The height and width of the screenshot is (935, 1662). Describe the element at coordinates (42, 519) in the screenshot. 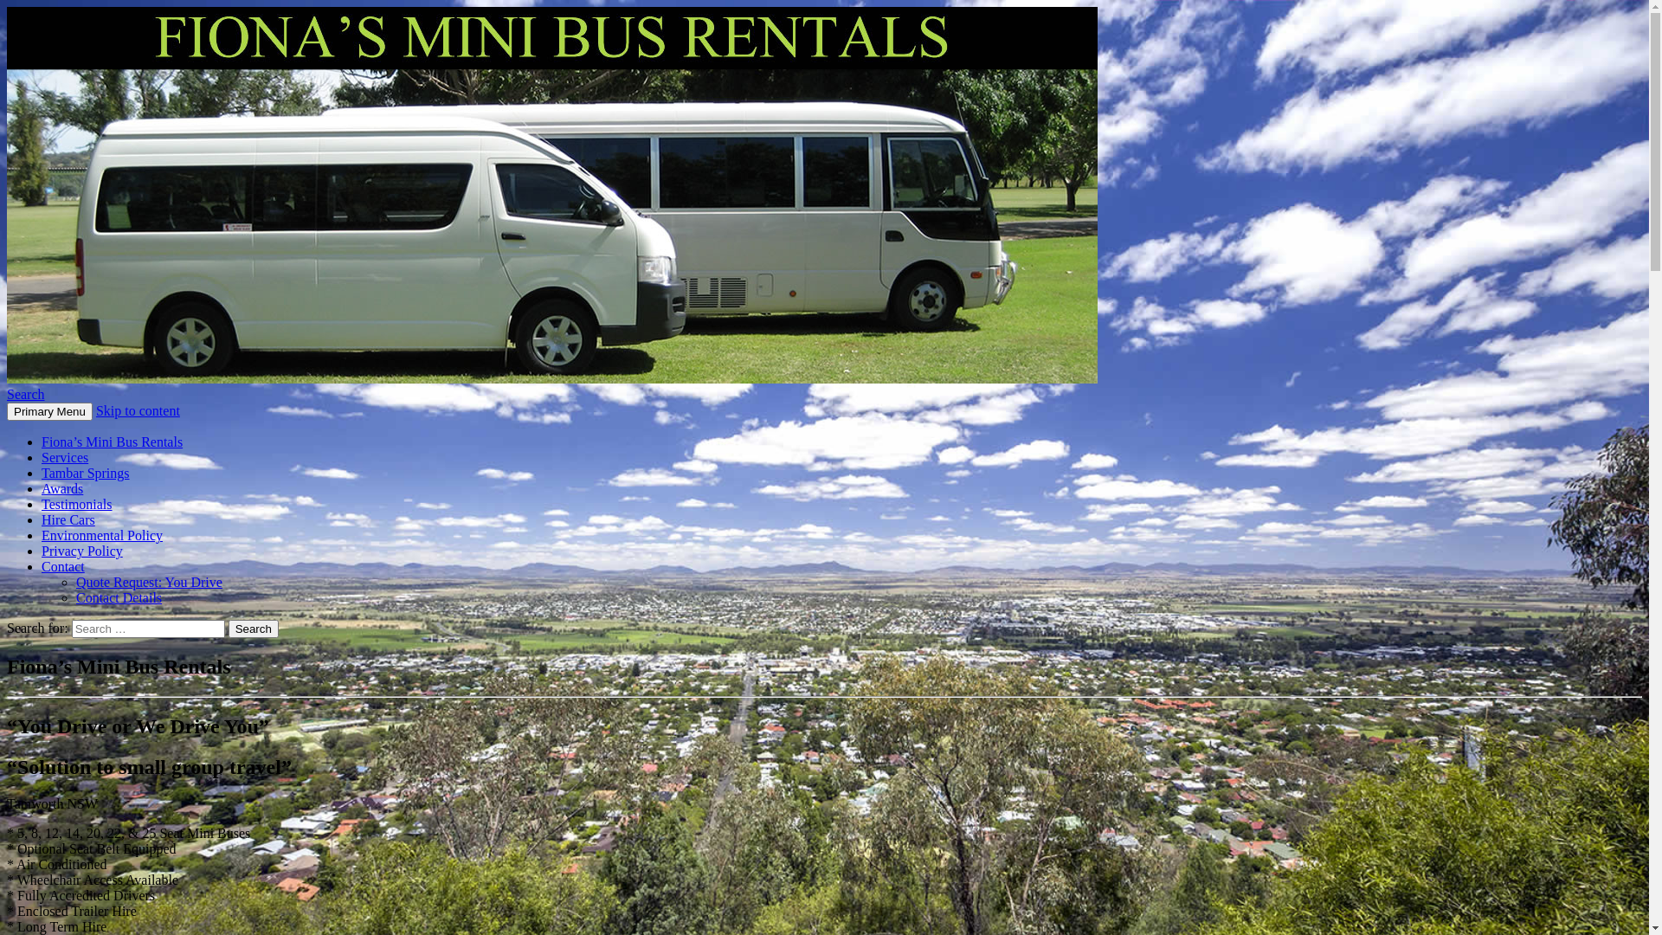

I see `'Hire Cars'` at that location.